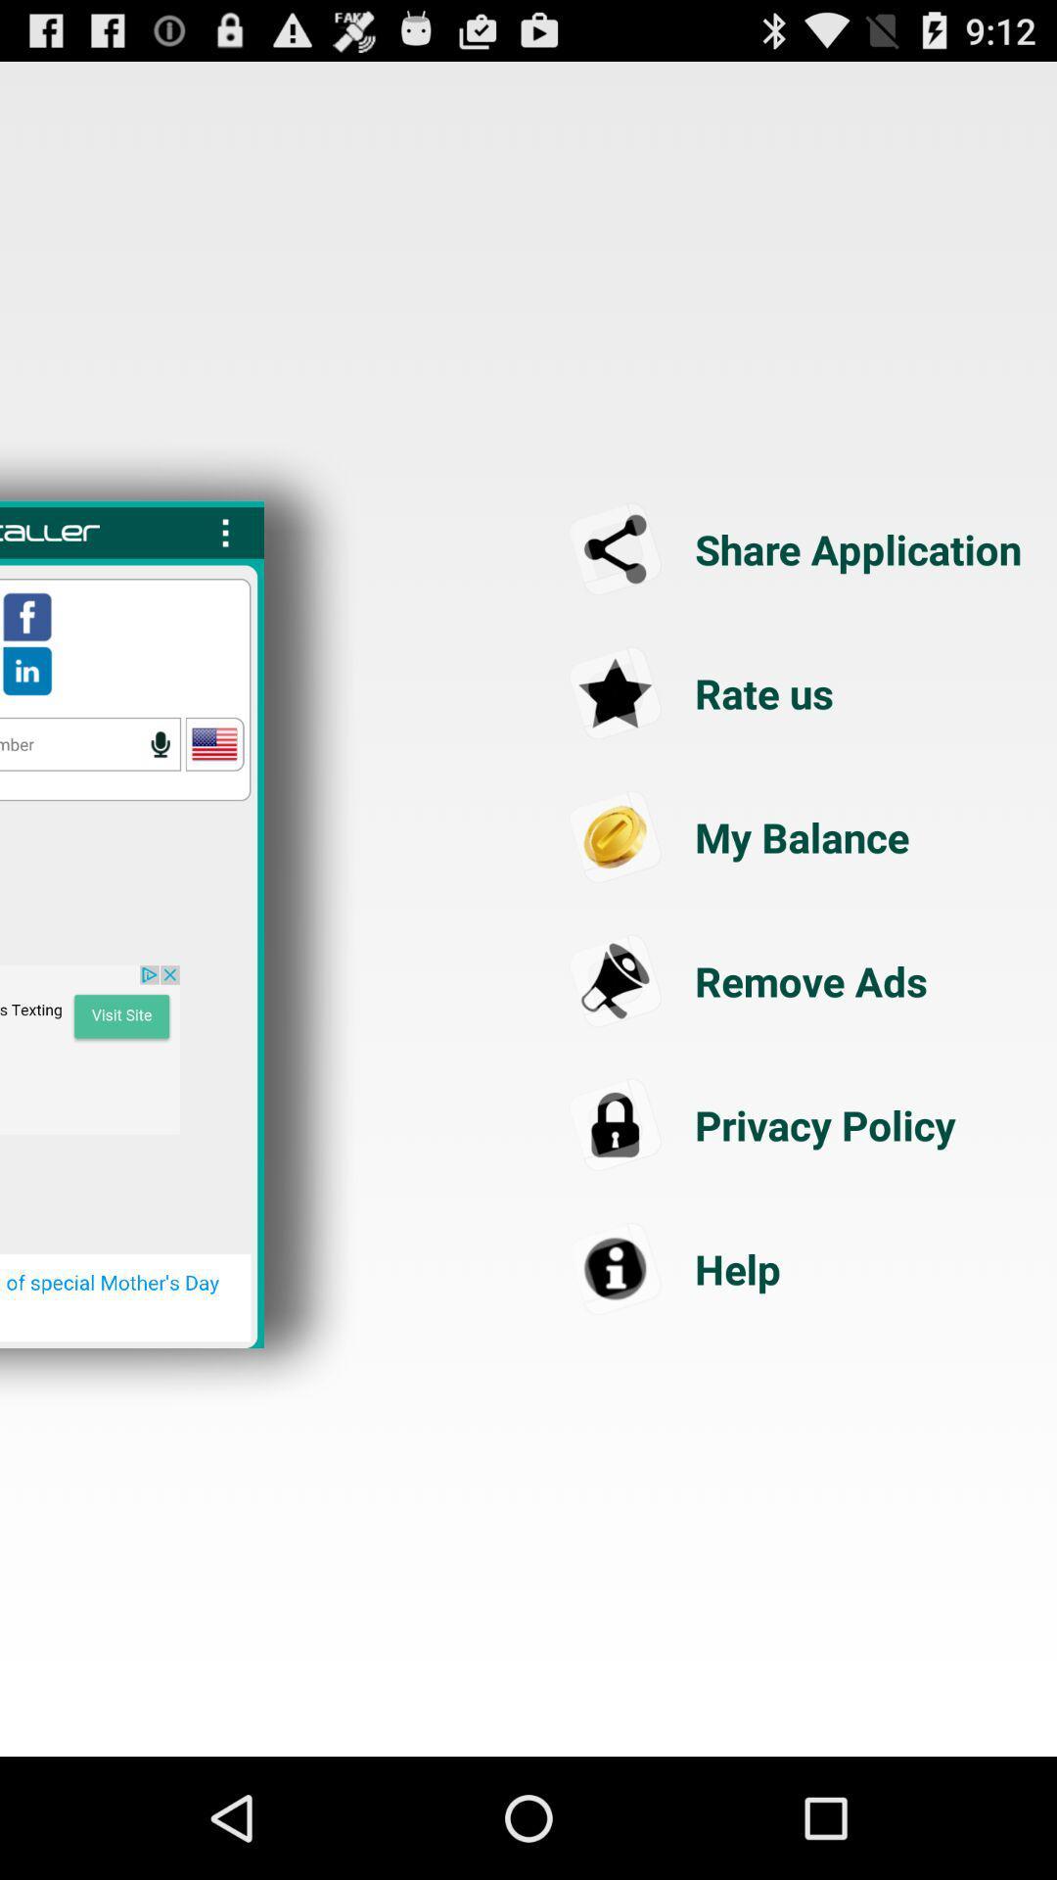  Describe the element at coordinates (214, 743) in the screenshot. I see `click usa` at that location.